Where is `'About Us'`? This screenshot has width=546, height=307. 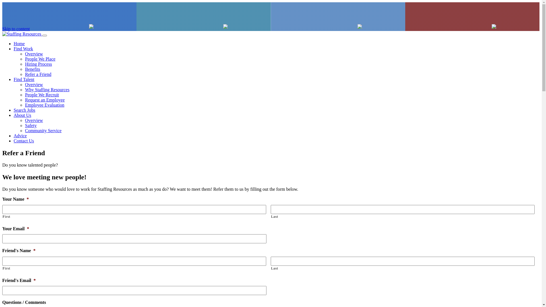
'About Us' is located at coordinates (22, 115).